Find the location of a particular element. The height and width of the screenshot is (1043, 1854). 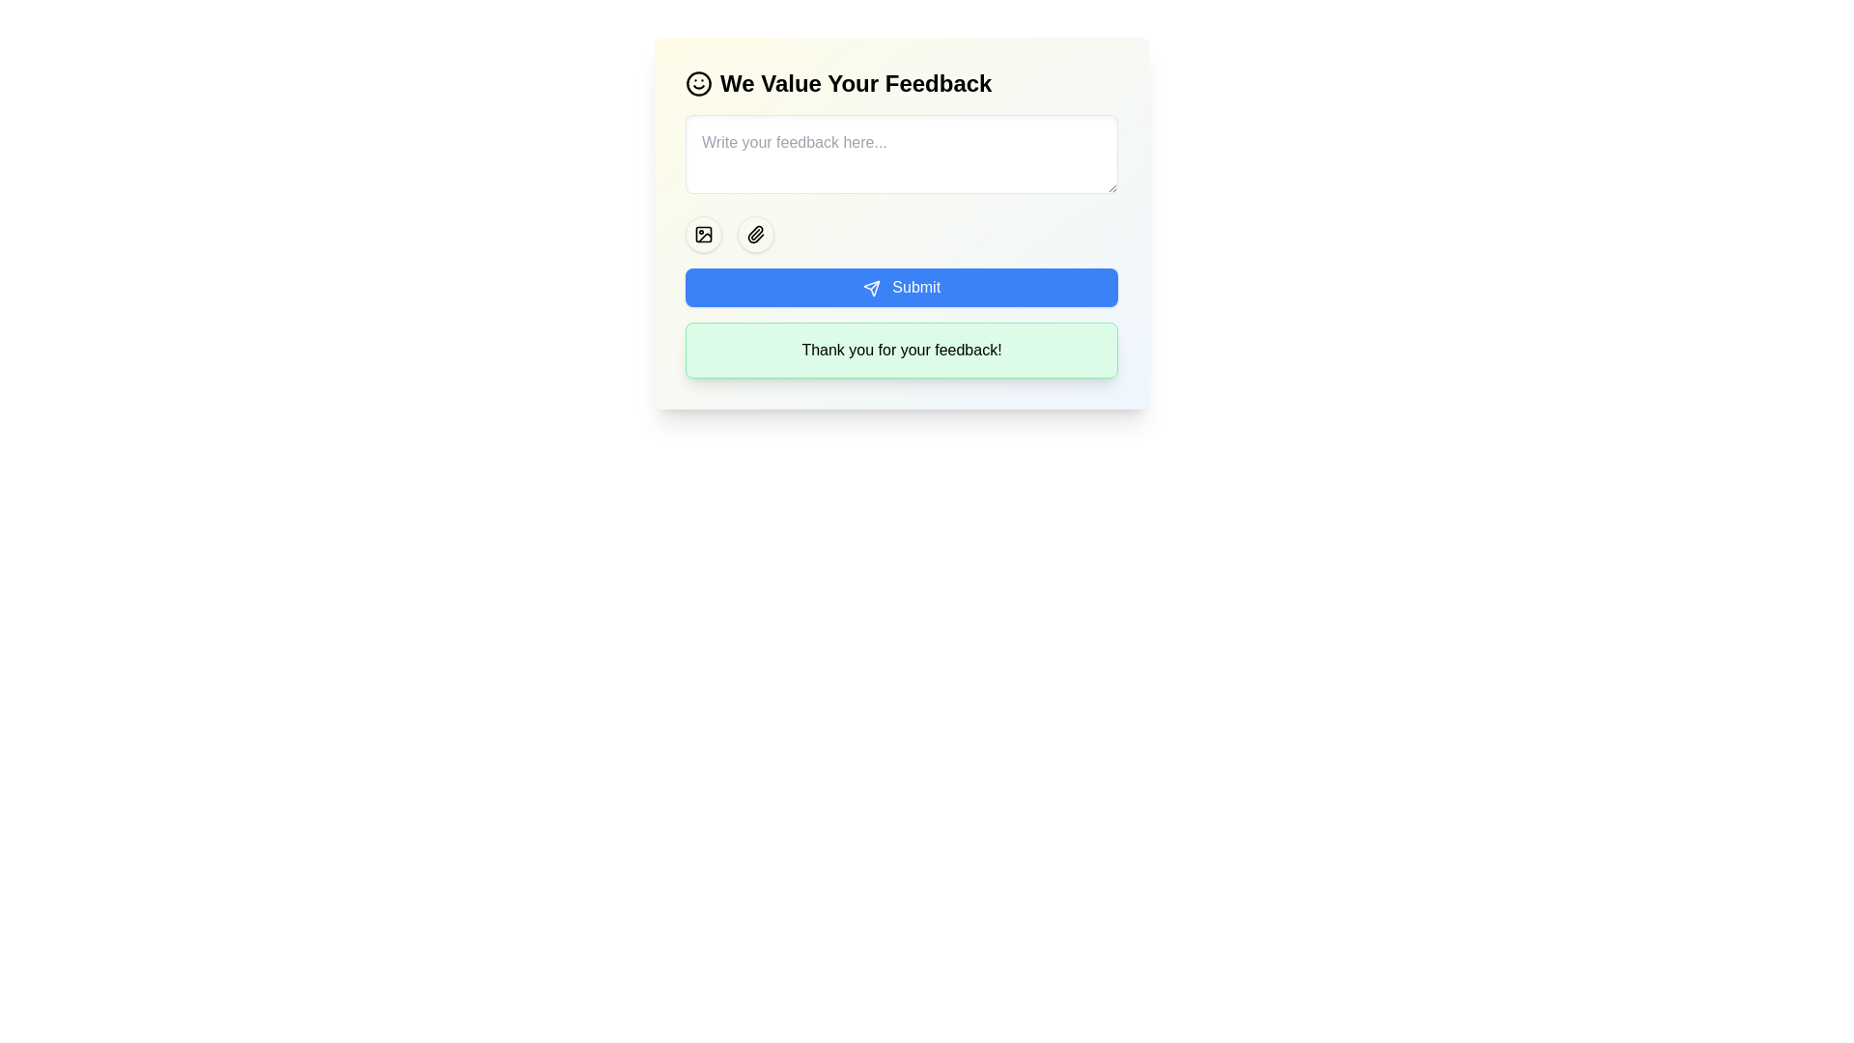

the attachment button, which is the second circular button in a horizontal arrangement, positioned to the right of an image icon button, to trigger a style change is located at coordinates (754, 234).